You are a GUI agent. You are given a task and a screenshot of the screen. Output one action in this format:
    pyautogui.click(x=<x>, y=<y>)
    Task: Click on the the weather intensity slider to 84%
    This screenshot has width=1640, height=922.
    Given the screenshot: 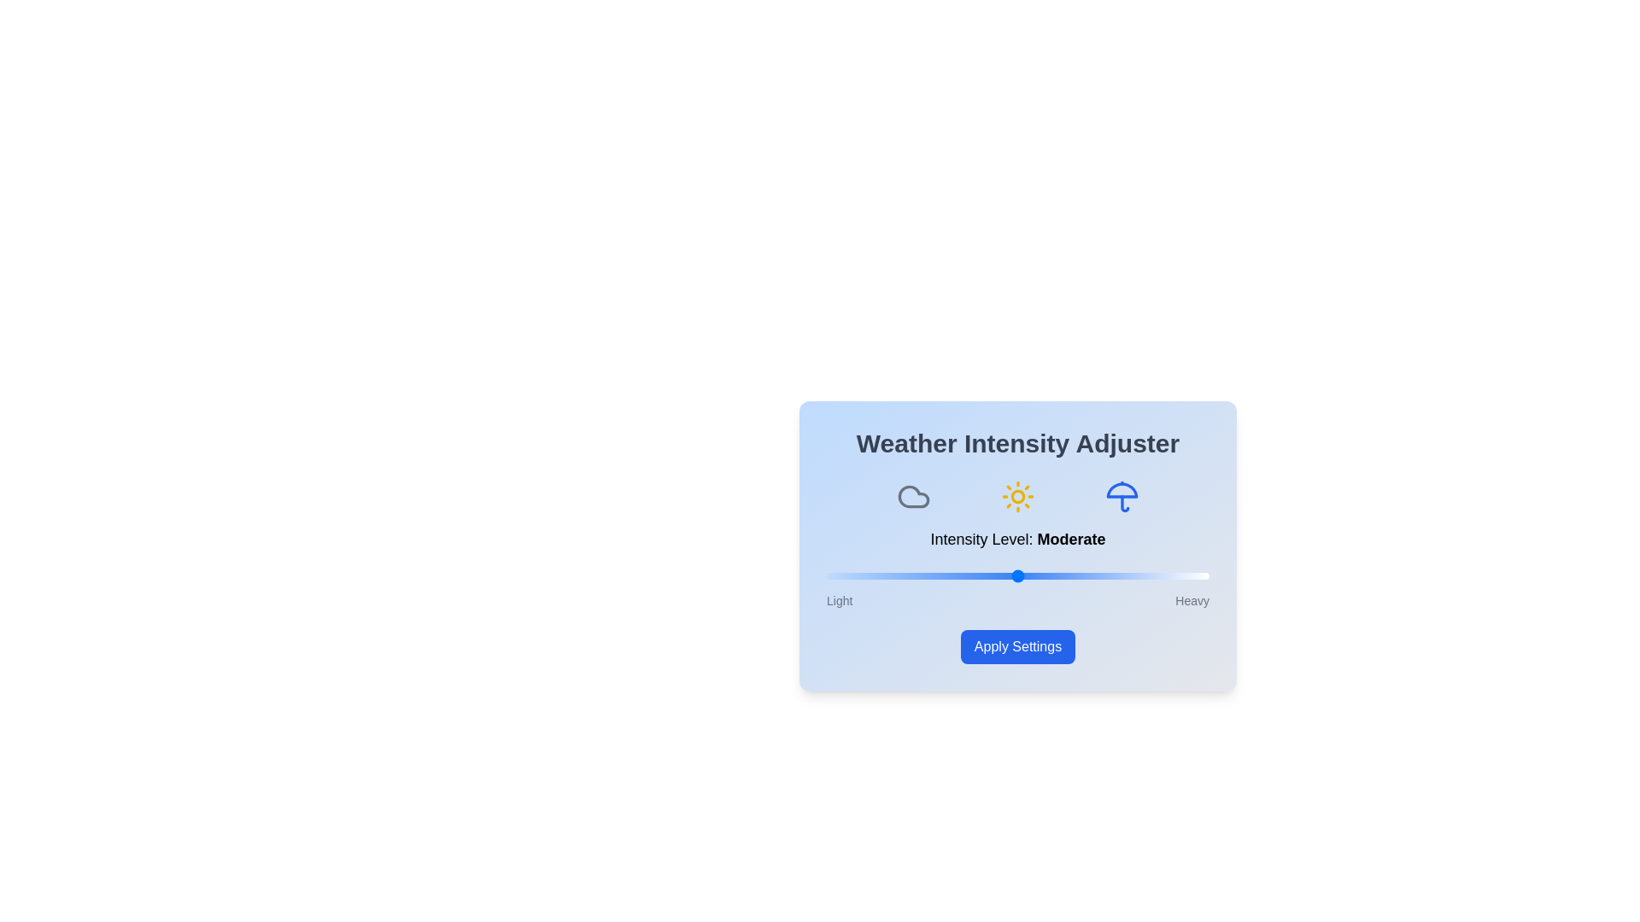 What is the action you would take?
    pyautogui.click(x=1148, y=576)
    